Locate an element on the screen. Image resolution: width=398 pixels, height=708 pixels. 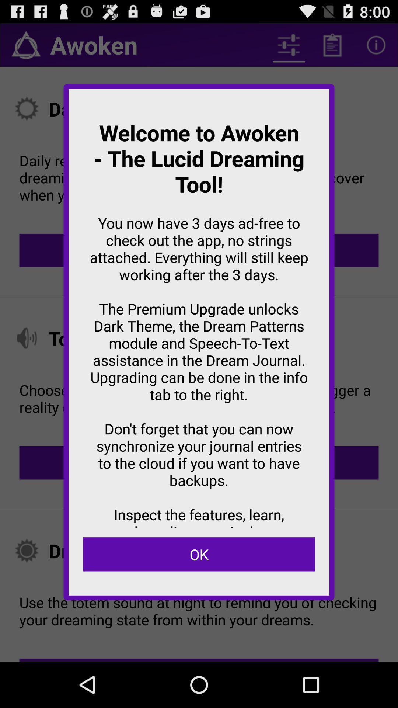
ok is located at coordinates (199, 554).